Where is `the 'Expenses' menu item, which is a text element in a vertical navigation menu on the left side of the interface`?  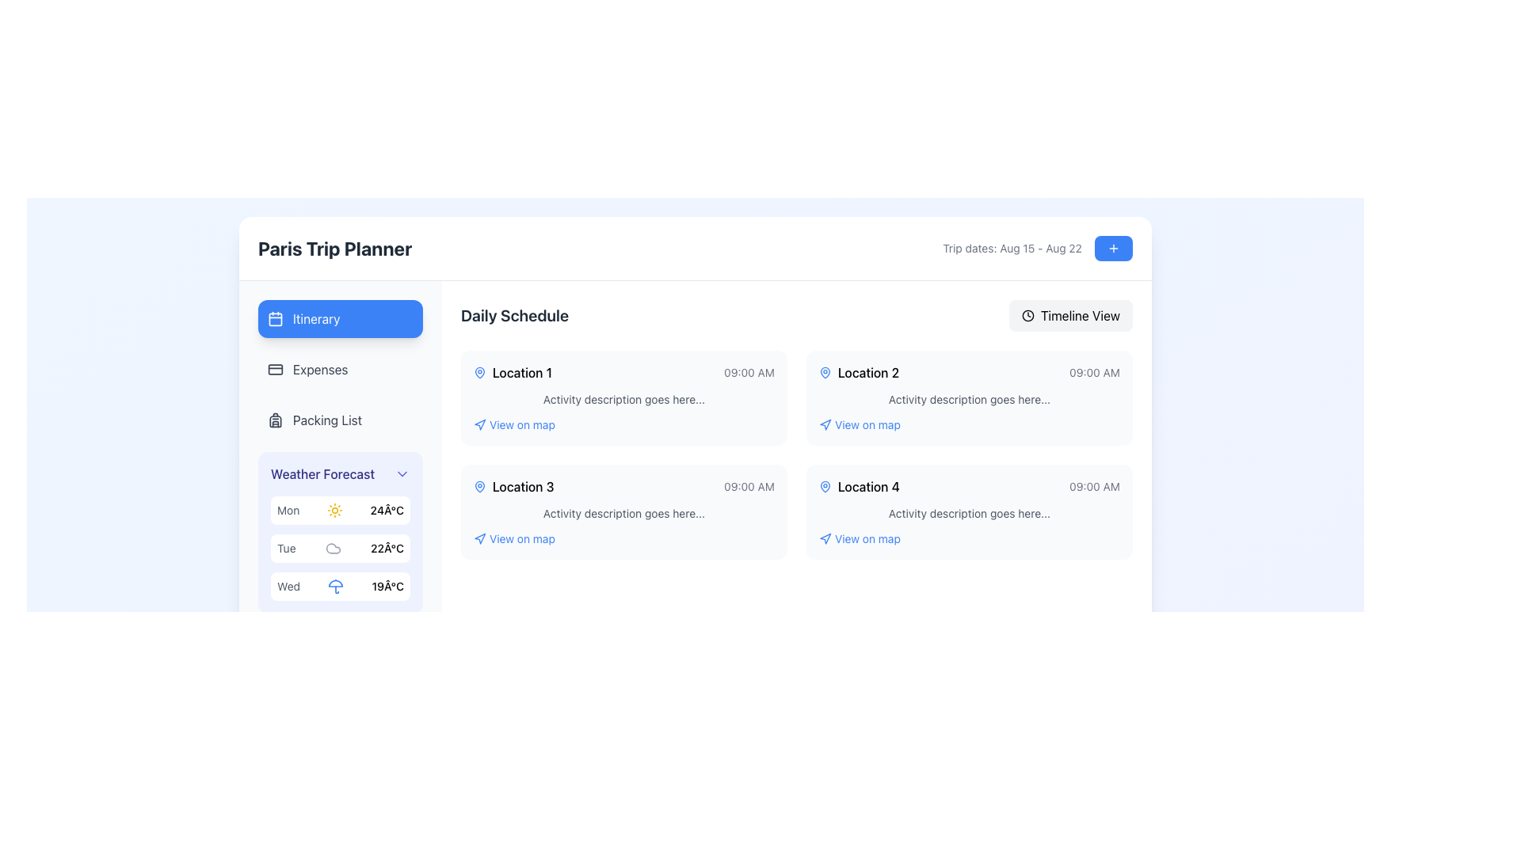 the 'Expenses' menu item, which is a text element in a vertical navigation menu on the left side of the interface is located at coordinates (319, 369).